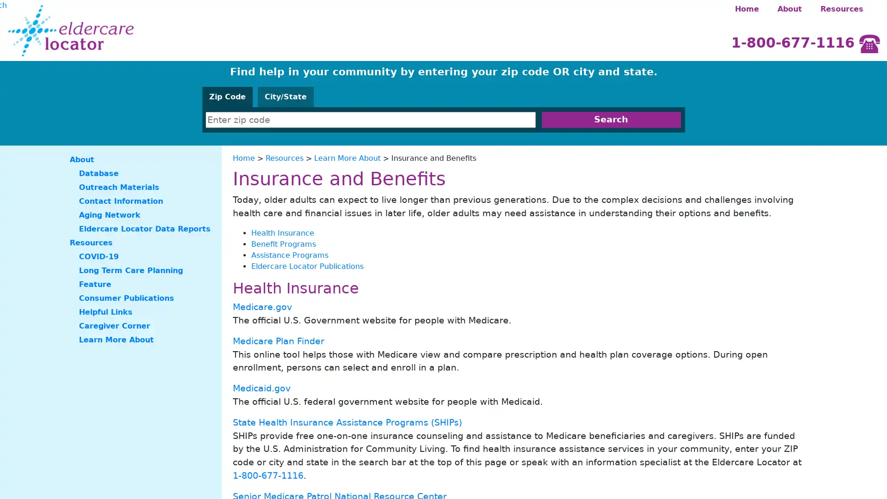 The width and height of the screenshot is (887, 499). Describe the element at coordinates (611, 119) in the screenshot. I see `Search` at that location.